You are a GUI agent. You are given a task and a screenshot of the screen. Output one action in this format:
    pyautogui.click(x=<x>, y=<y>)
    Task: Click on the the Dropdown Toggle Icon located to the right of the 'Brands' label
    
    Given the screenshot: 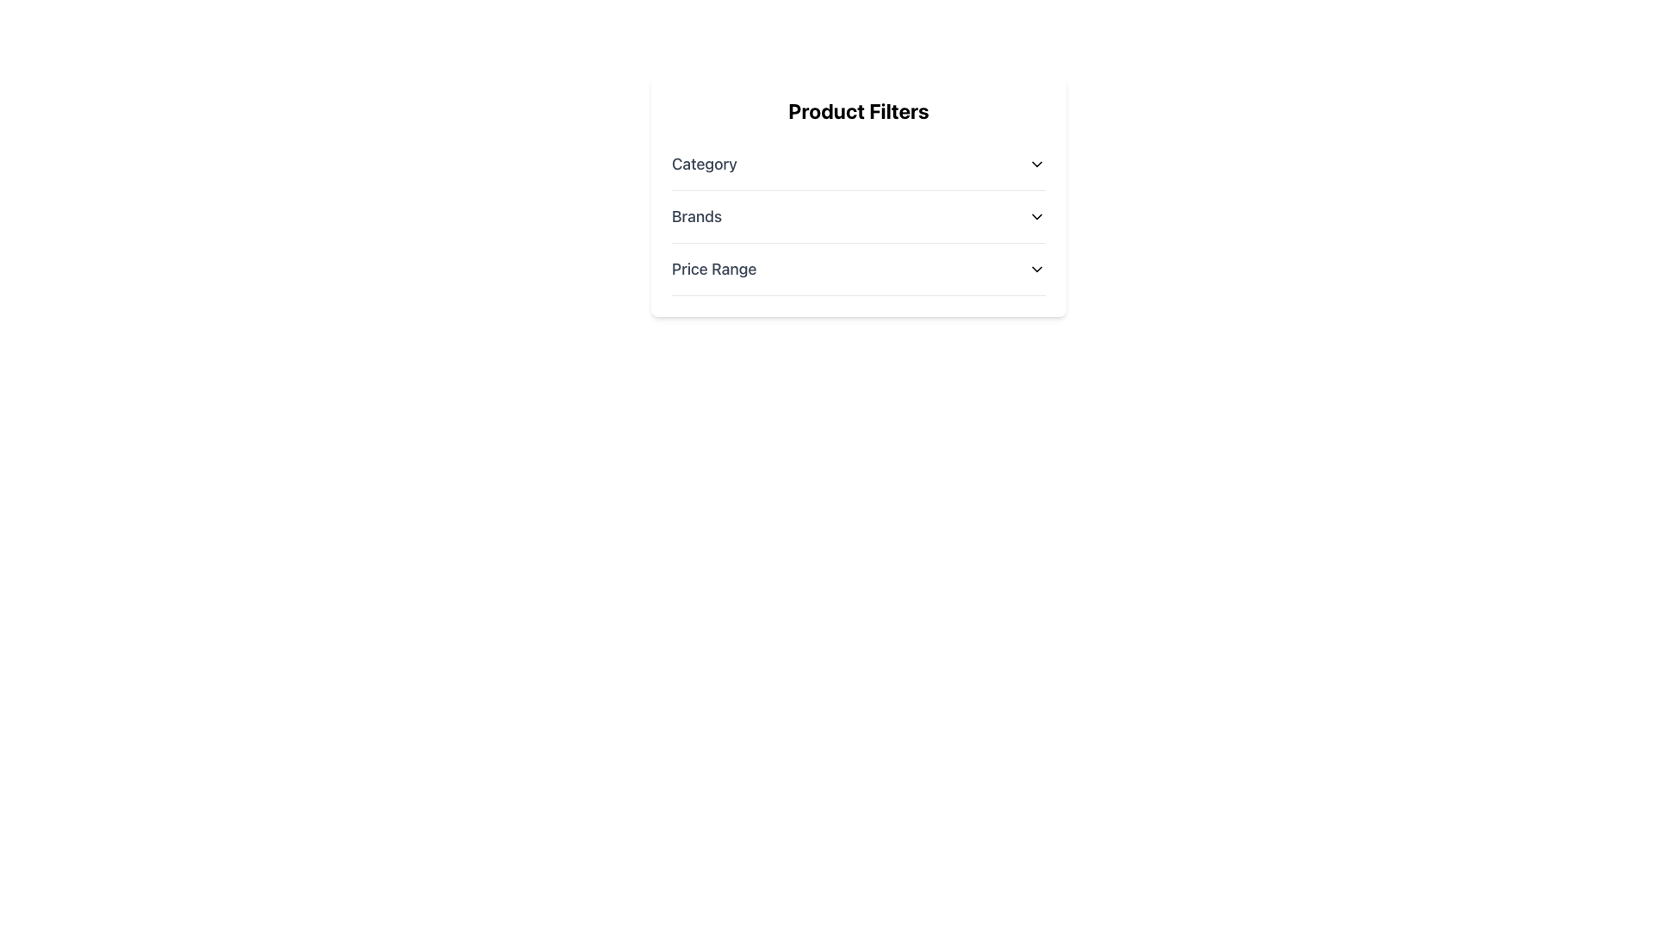 What is the action you would take?
    pyautogui.click(x=1036, y=215)
    